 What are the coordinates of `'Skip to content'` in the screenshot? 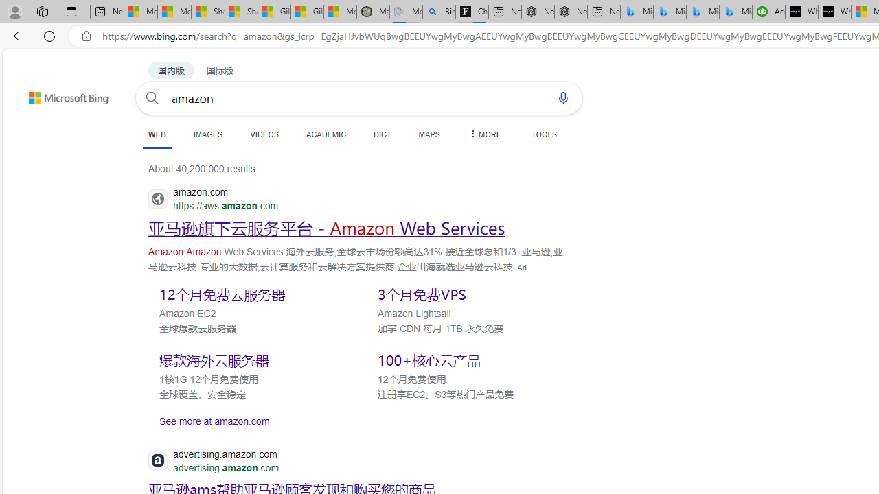 It's located at (44, 91).